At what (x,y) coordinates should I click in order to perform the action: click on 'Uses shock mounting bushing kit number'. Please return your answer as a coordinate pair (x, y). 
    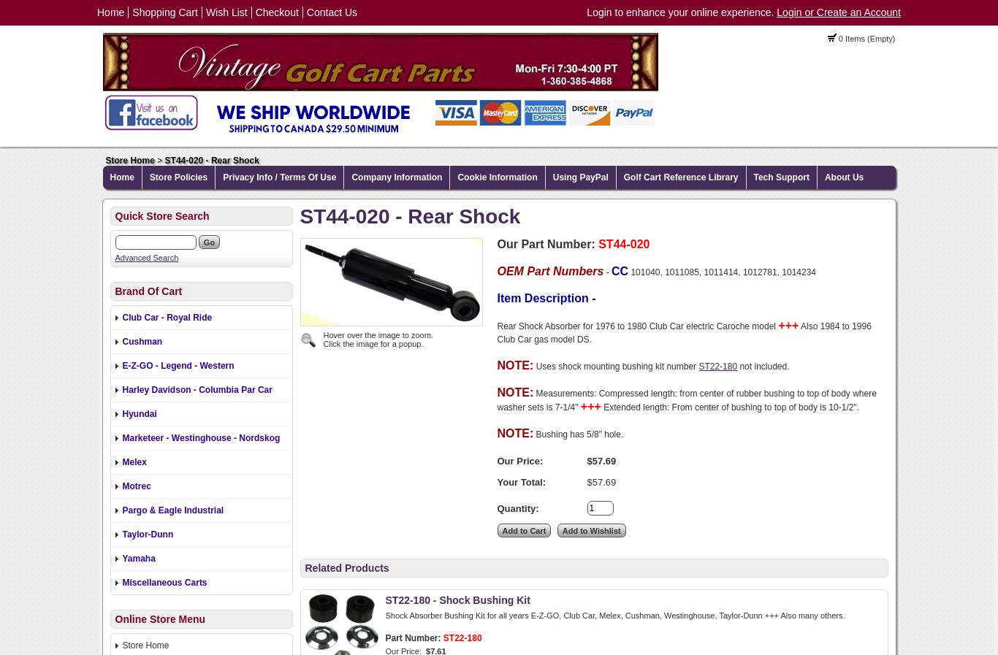
    Looking at the image, I should click on (535, 366).